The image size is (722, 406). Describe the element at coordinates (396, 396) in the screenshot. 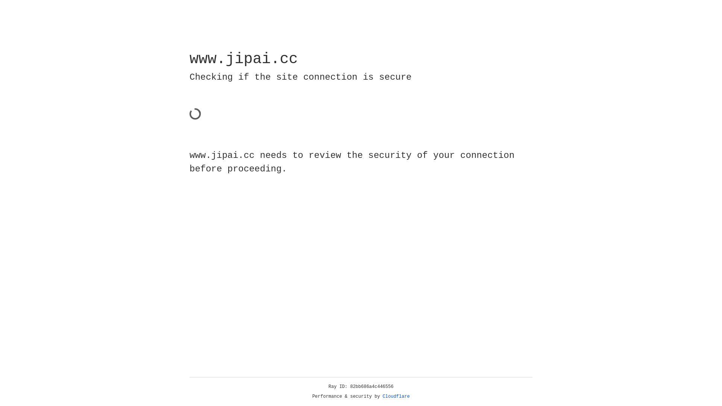

I see `'Cloudflare'` at that location.